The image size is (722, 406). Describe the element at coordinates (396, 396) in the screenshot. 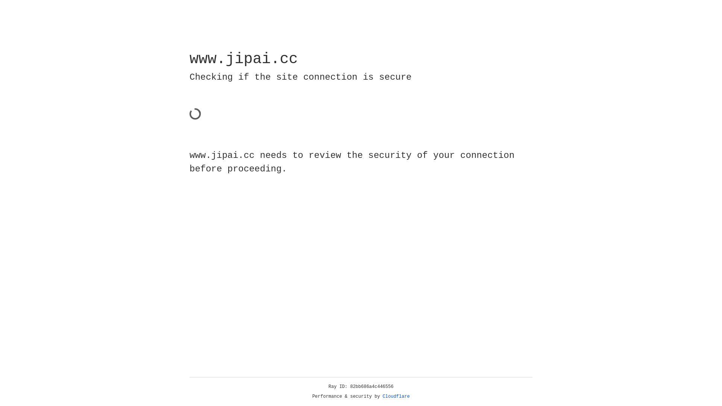

I see `'Cloudflare'` at that location.